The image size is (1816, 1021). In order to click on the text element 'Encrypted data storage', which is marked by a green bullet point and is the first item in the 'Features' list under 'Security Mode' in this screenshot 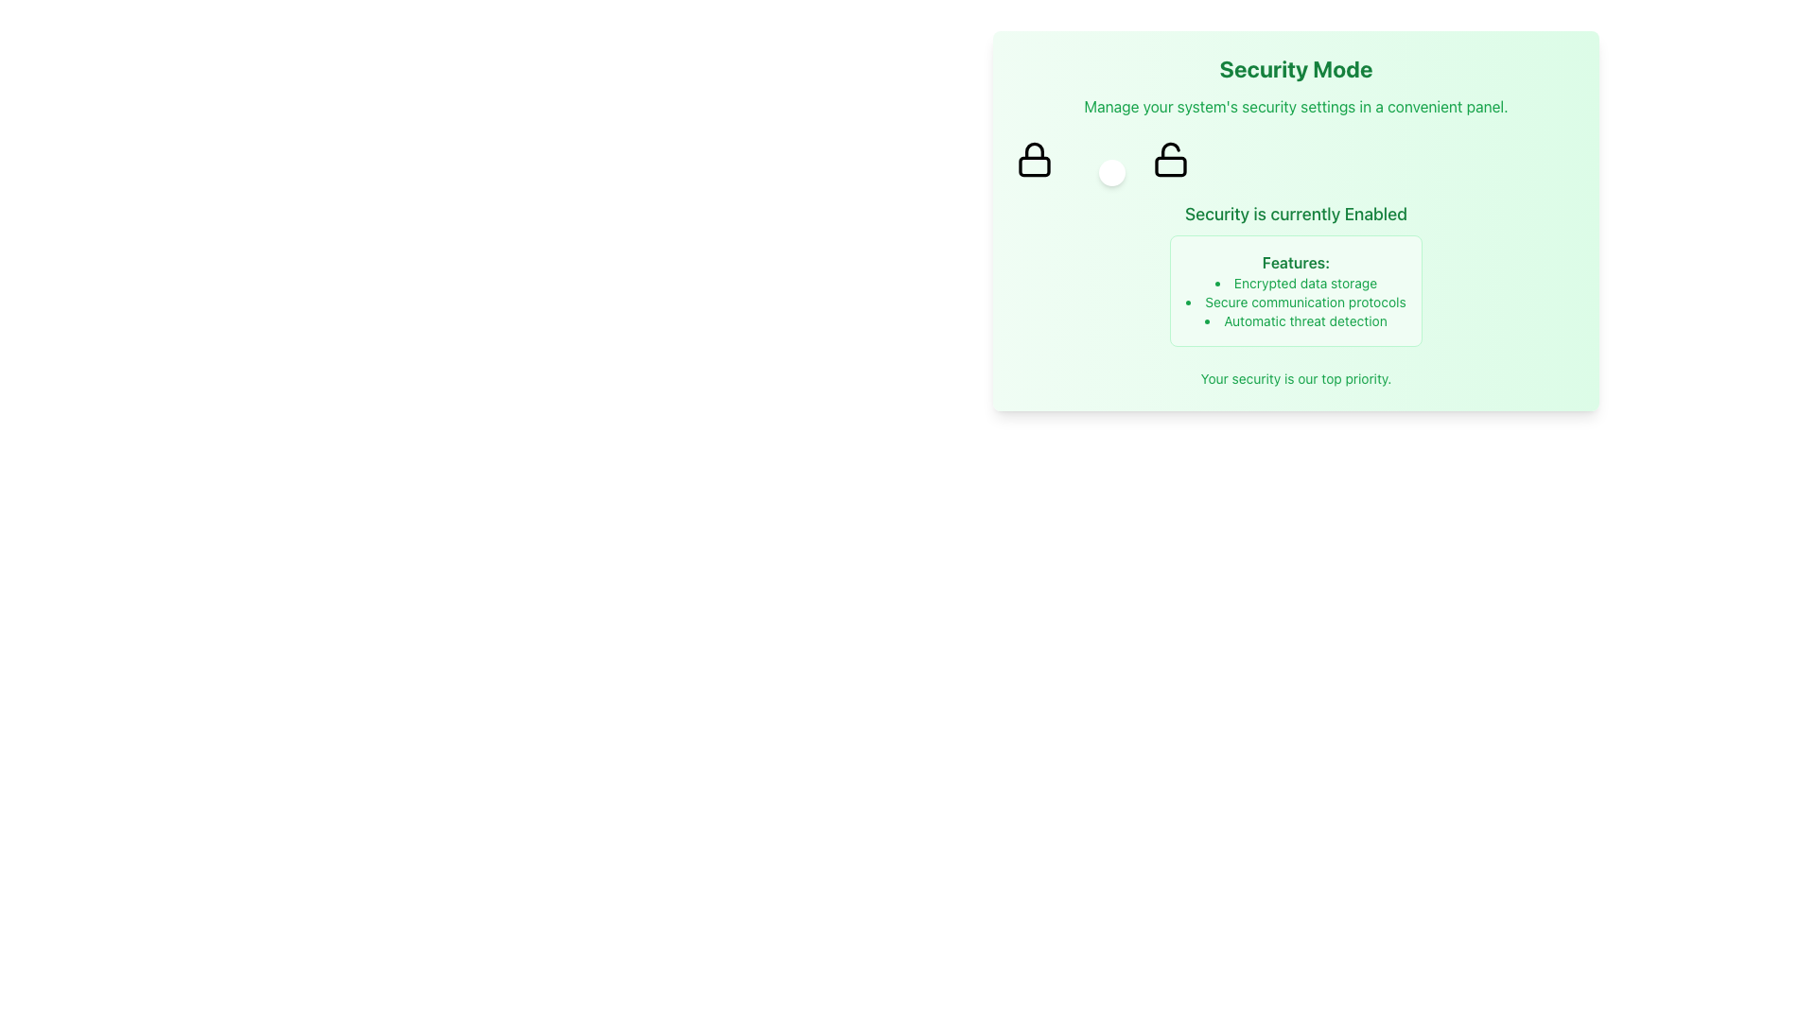, I will do `click(1295, 284)`.